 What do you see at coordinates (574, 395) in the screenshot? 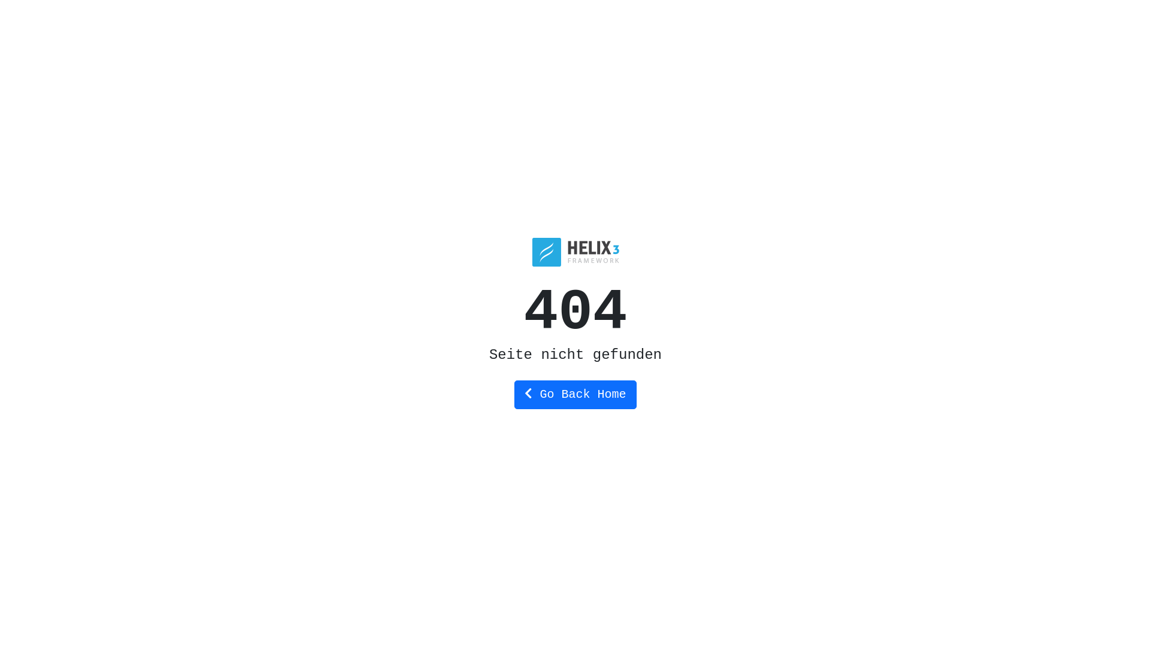
I see `'Go Back Home'` at bounding box center [574, 395].